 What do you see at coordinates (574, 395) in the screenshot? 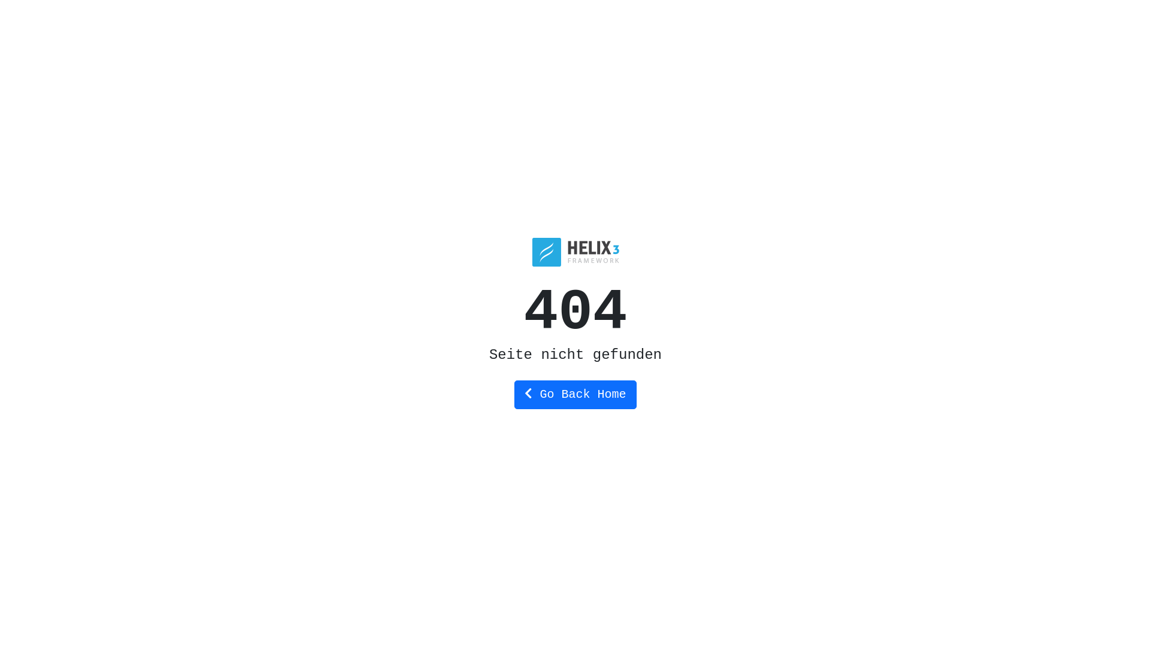
I see `'Go Back Home'` at bounding box center [574, 395].